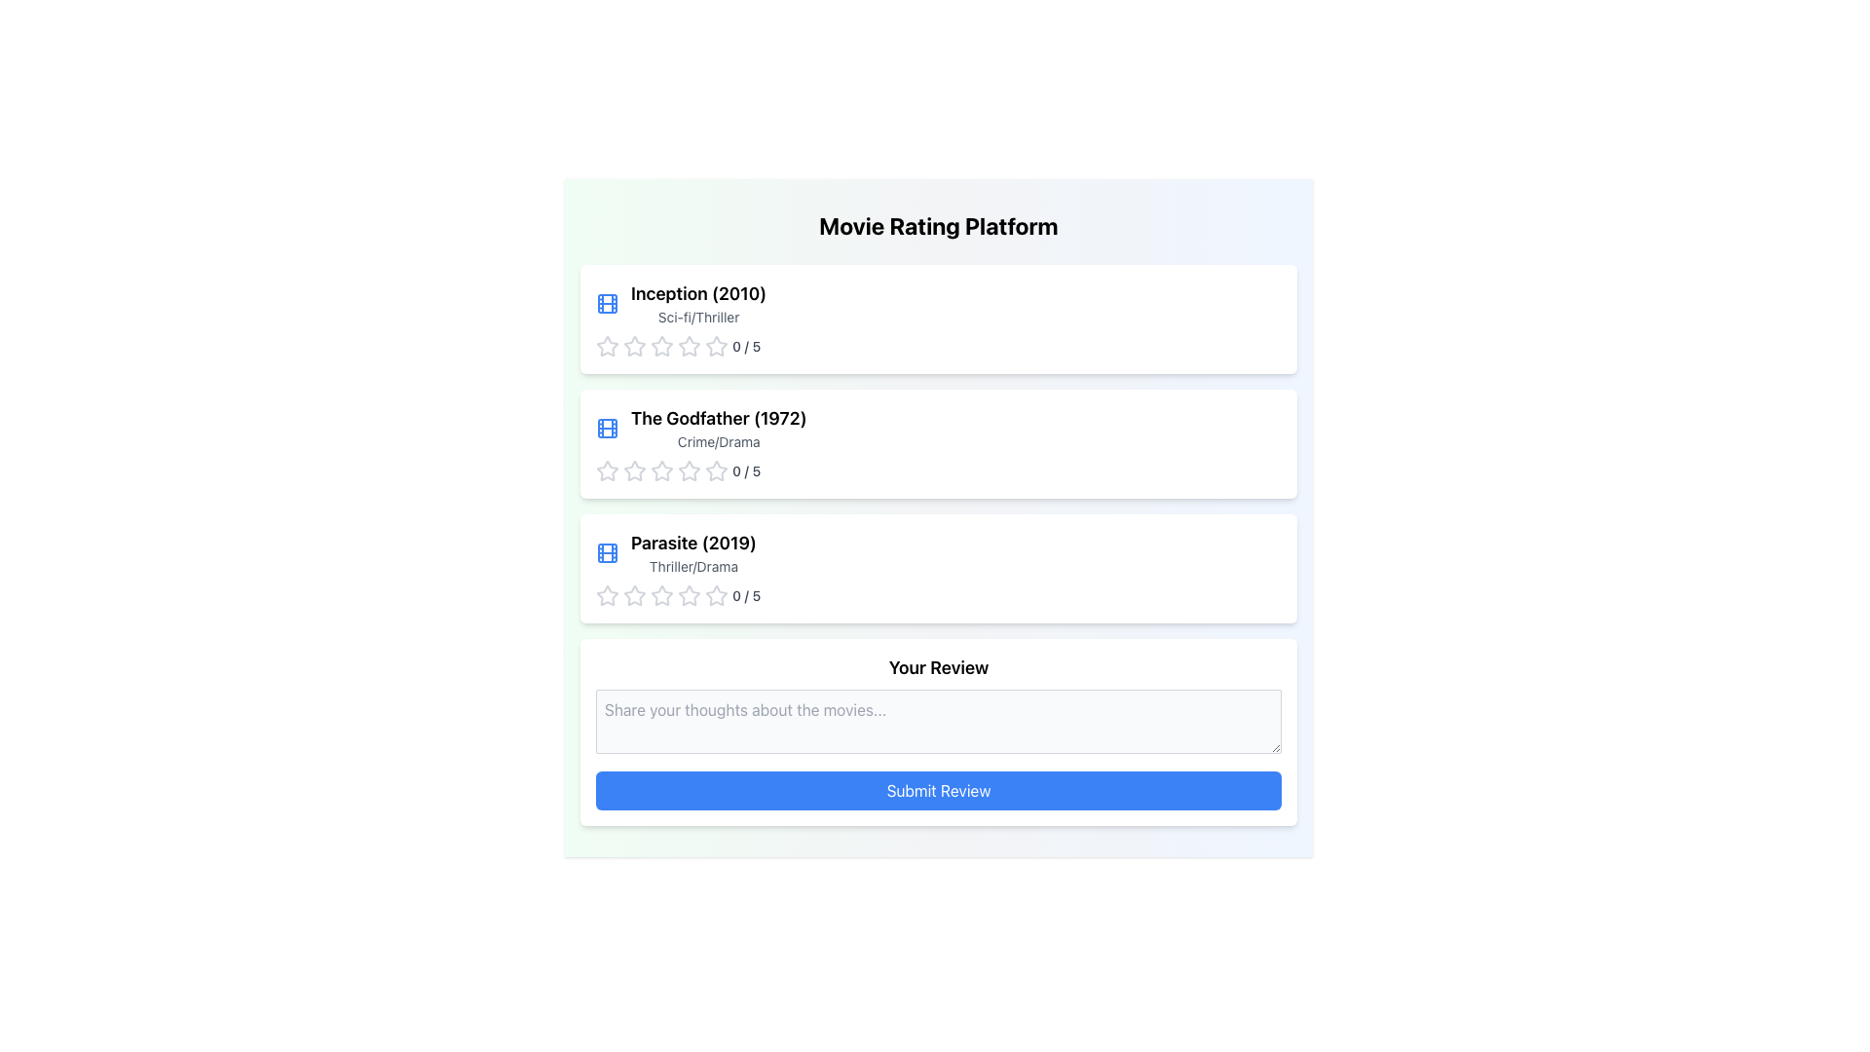 The image size is (1870, 1052). I want to click on the first star-shaped rating icon for 'The Godfather (1972)', so click(635, 470).